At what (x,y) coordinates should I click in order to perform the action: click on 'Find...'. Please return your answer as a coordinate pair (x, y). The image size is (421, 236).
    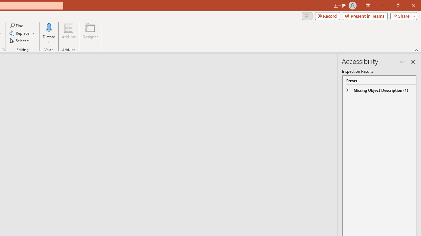
    Looking at the image, I should click on (17, 25).